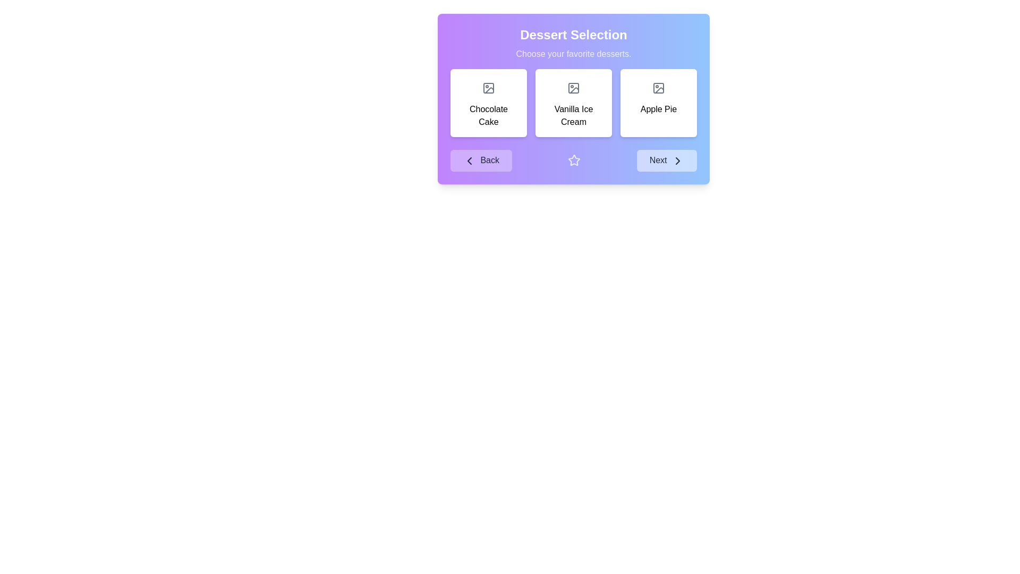 The image size is (1020, 574). Describe the element at coordinates (481, 161) in the screenshot. I see `the 'Back' button with rounded corners and a white background` at that location.